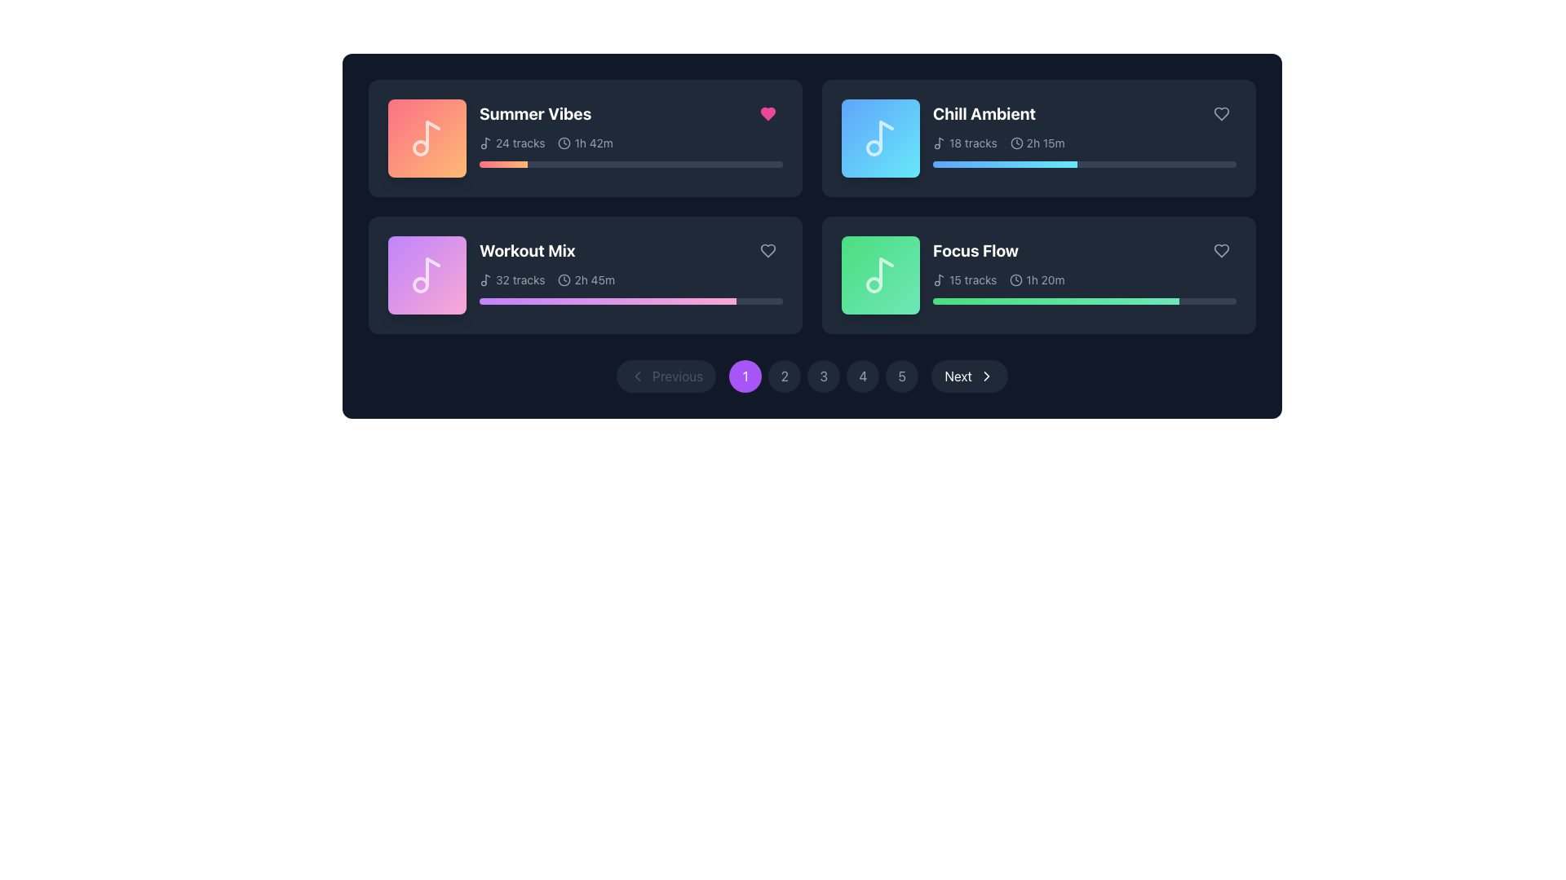 Image resolution: width=1566 pixels, height=880 pixels. I want to click on the music playlist icon located within the 'Focus Flow' card, specifically to the left of the text '15 tracks', in the lower-right card of a four-card grid layout, so click(940, 279).